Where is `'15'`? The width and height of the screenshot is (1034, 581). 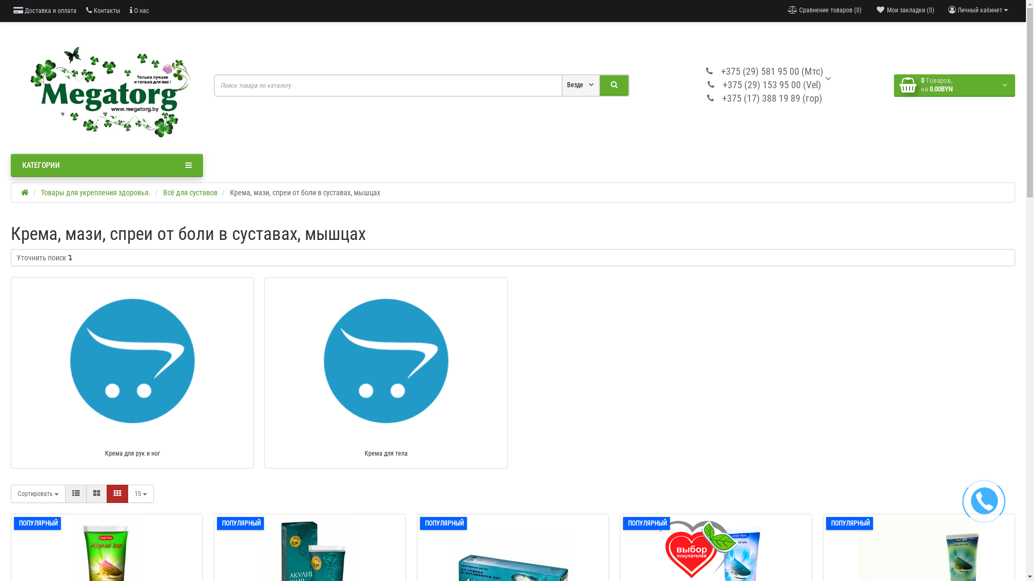 '15' is located at coordinates (140, 494).